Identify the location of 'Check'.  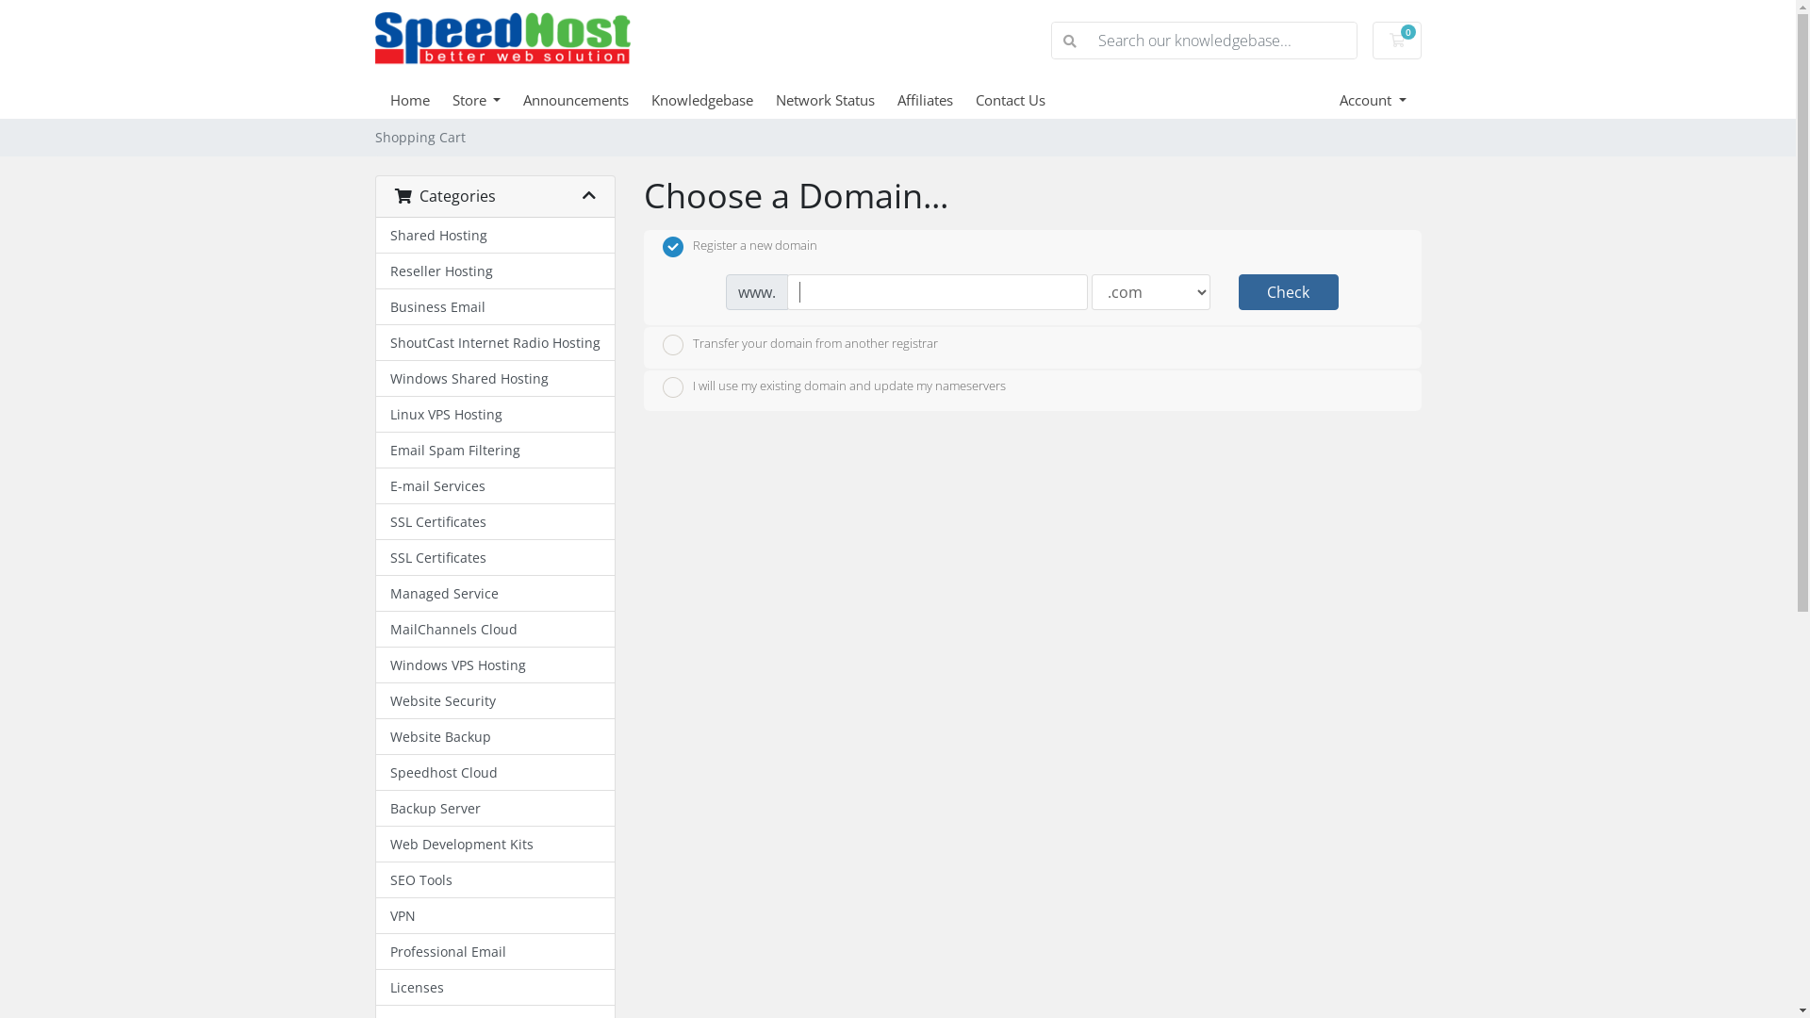
(1288, 291).